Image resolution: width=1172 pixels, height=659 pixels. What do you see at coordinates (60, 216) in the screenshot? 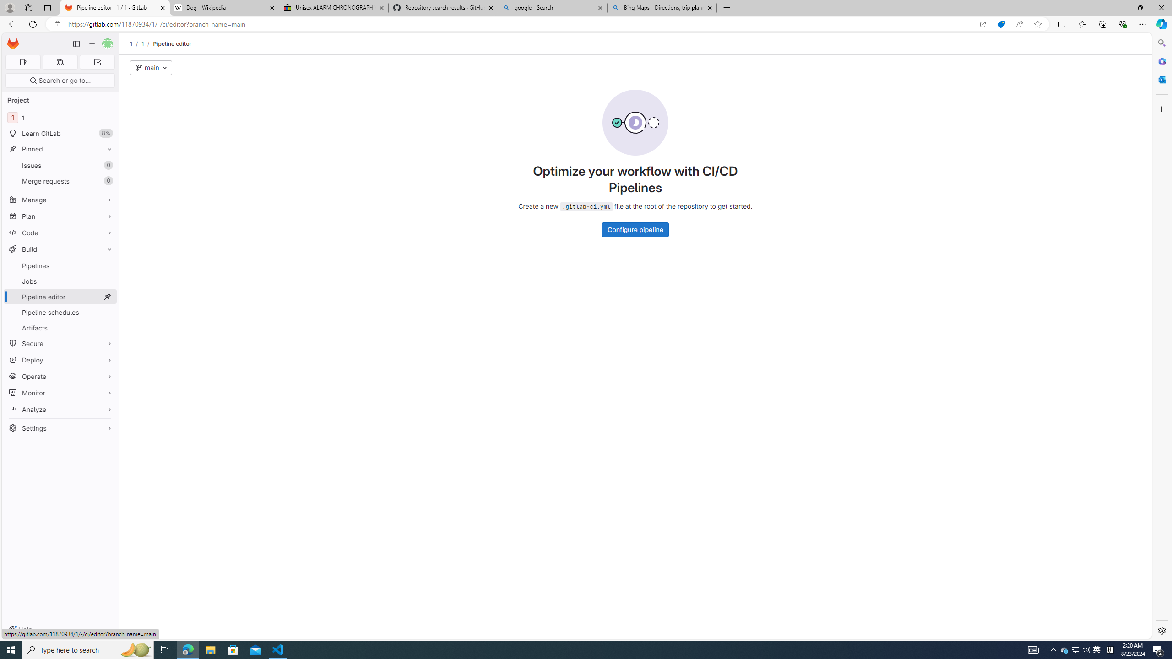
I see `'Plan'` at bounding box center [60, 216].